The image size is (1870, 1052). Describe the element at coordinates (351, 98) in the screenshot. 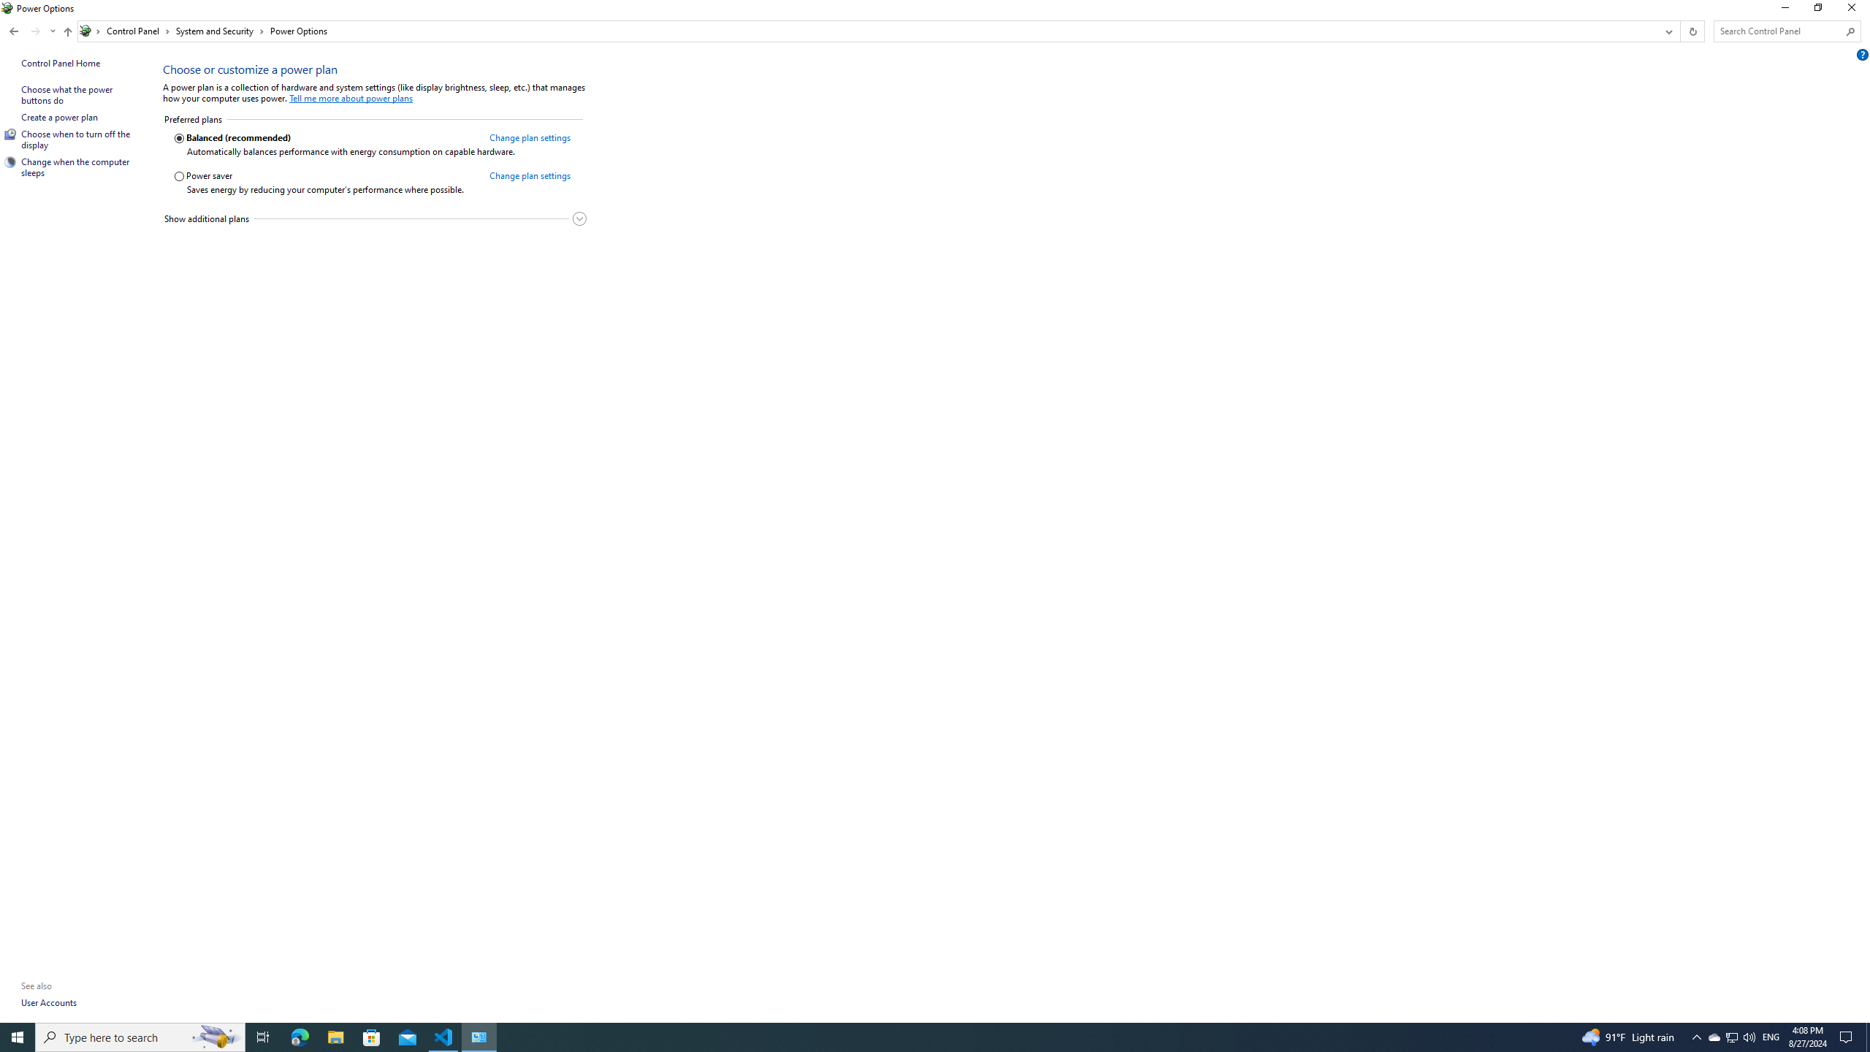

I see `'Tell me more about power plans'` at that location.